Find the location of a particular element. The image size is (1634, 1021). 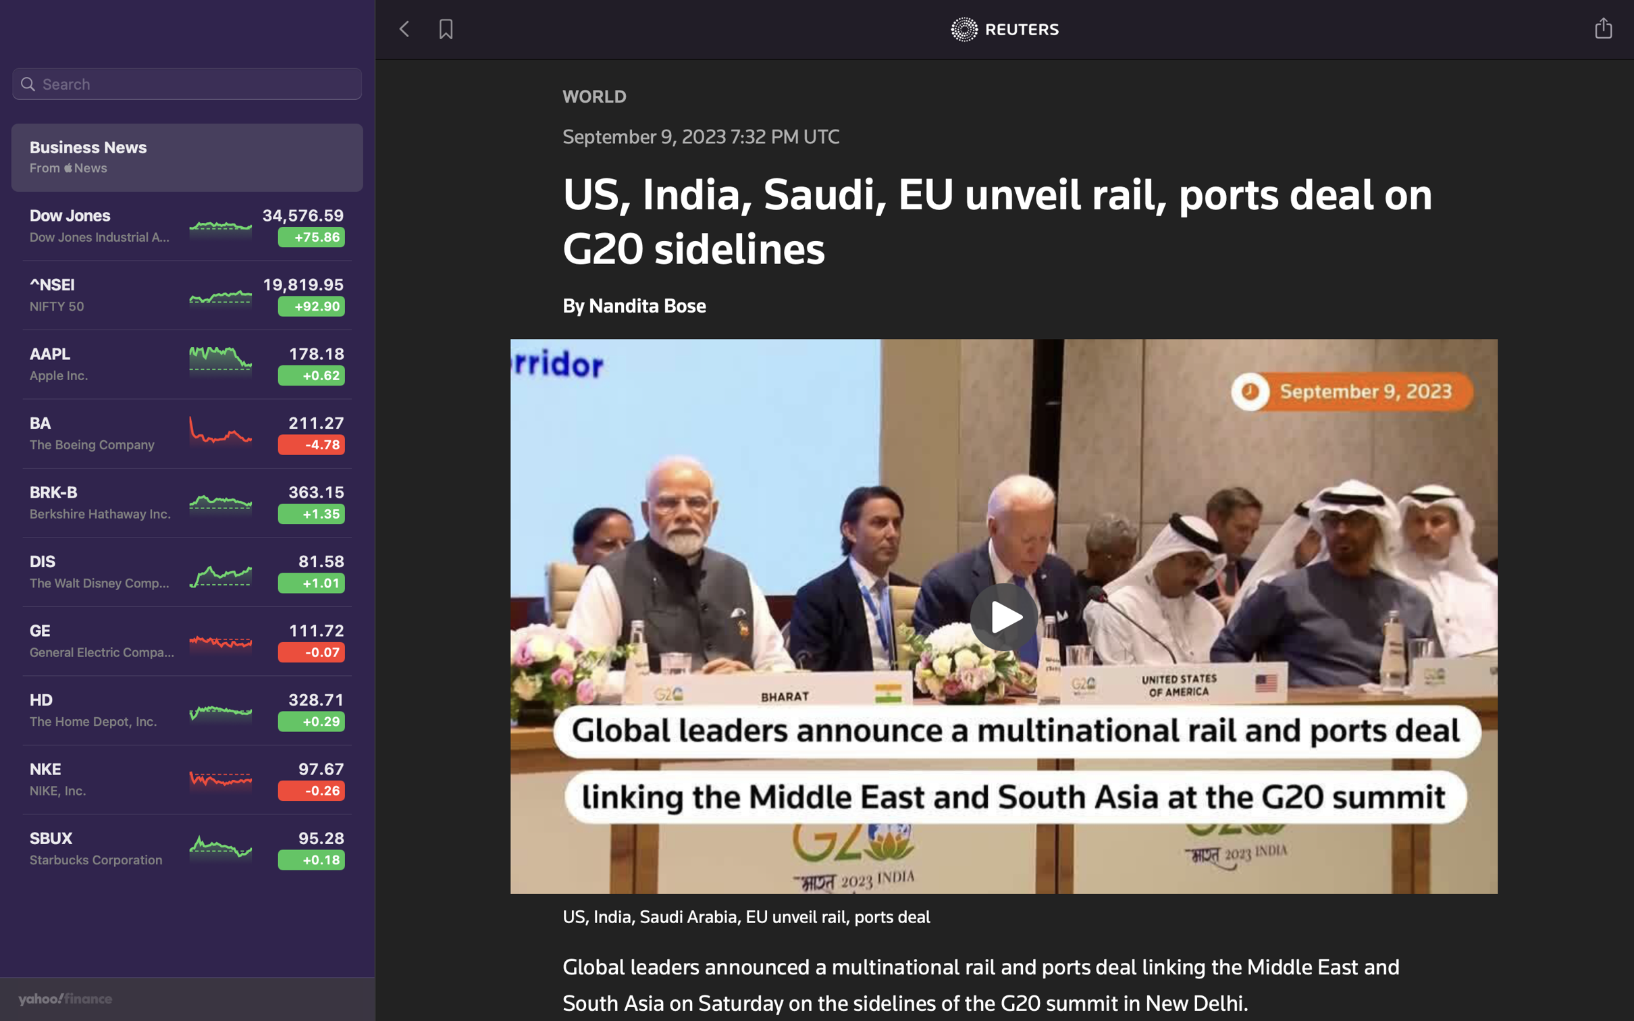

Replay the last watched news video is located at coordinates (1005, 614).